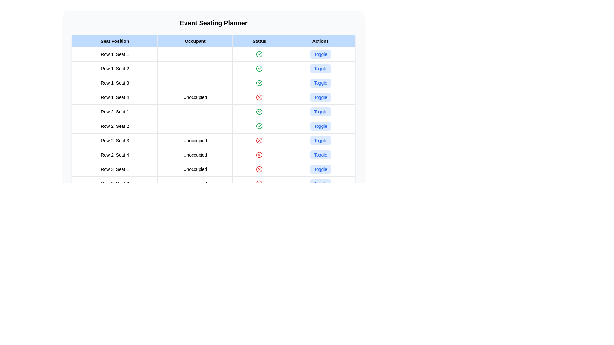 This screenshot has width=614, height=345. What do you see at coordinates (213, 169) in the screenshot?
I see `the red cross icon in the table row for 'Row 3, Seat 1' under the 'Status' column in the seating planner` at bounding box center [213, 169].